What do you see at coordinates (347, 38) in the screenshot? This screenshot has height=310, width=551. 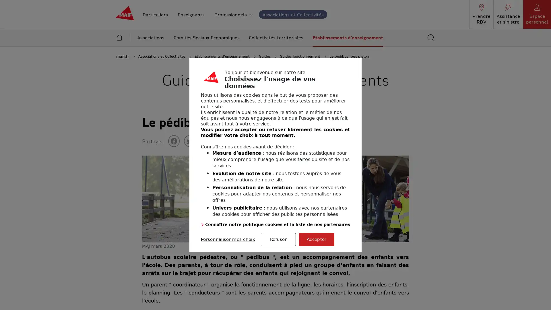 I see `Etablissements d'enseignement` at bounding box center [347, 38].